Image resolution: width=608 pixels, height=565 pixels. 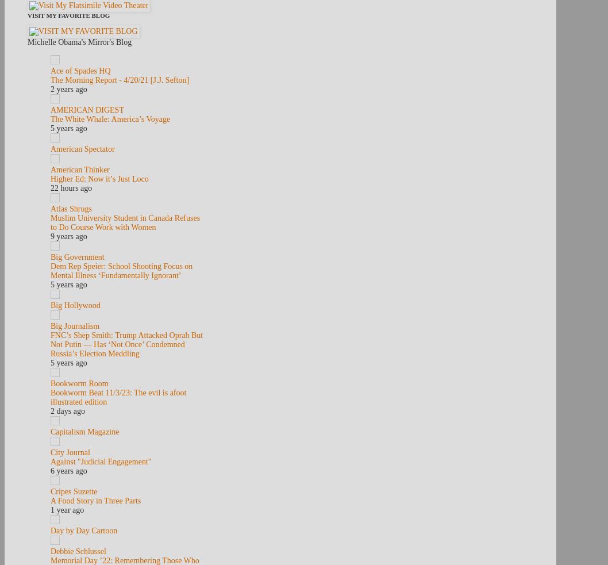 What do you see at coordinates (83, 531) in the screenshot?
I see `'Day by Day Cartoon'` at bounding box center [83, 531].